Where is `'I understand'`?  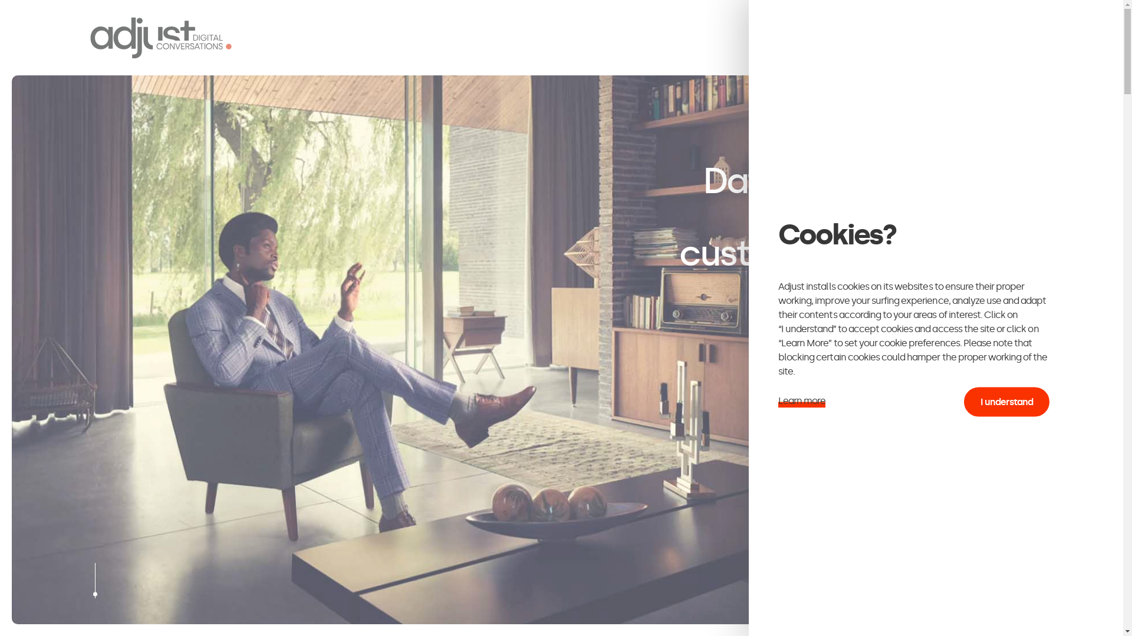
'I understand' is located at coordinates (1006, 401).